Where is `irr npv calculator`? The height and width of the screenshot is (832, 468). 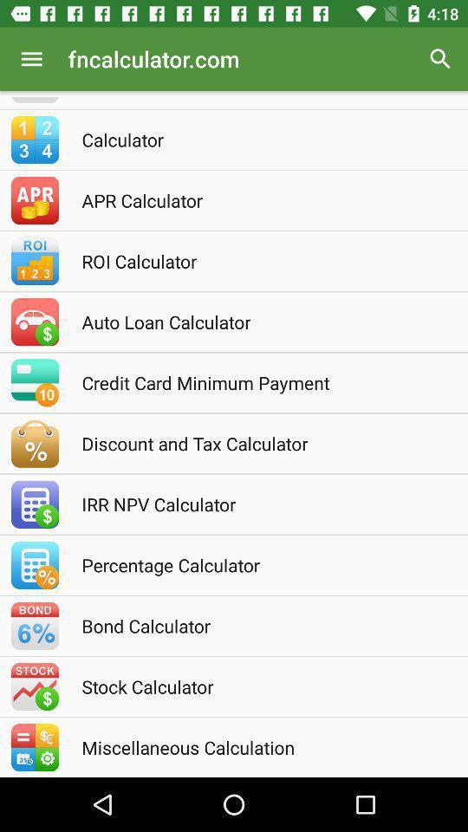 irr npv calculator is located at coordinates (257, 504).